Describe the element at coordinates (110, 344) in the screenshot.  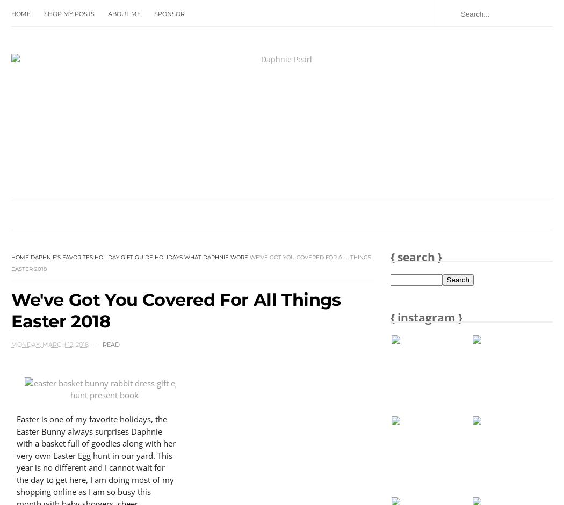
I see `'Read'` at that location.